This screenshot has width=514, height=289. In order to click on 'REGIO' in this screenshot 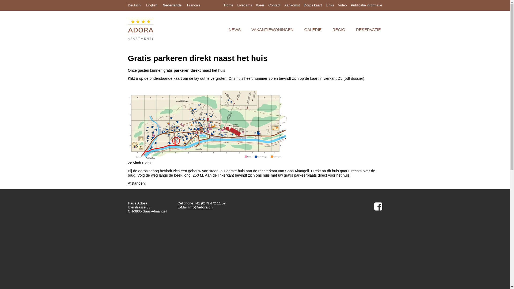, I will do `click(339, 29)`.